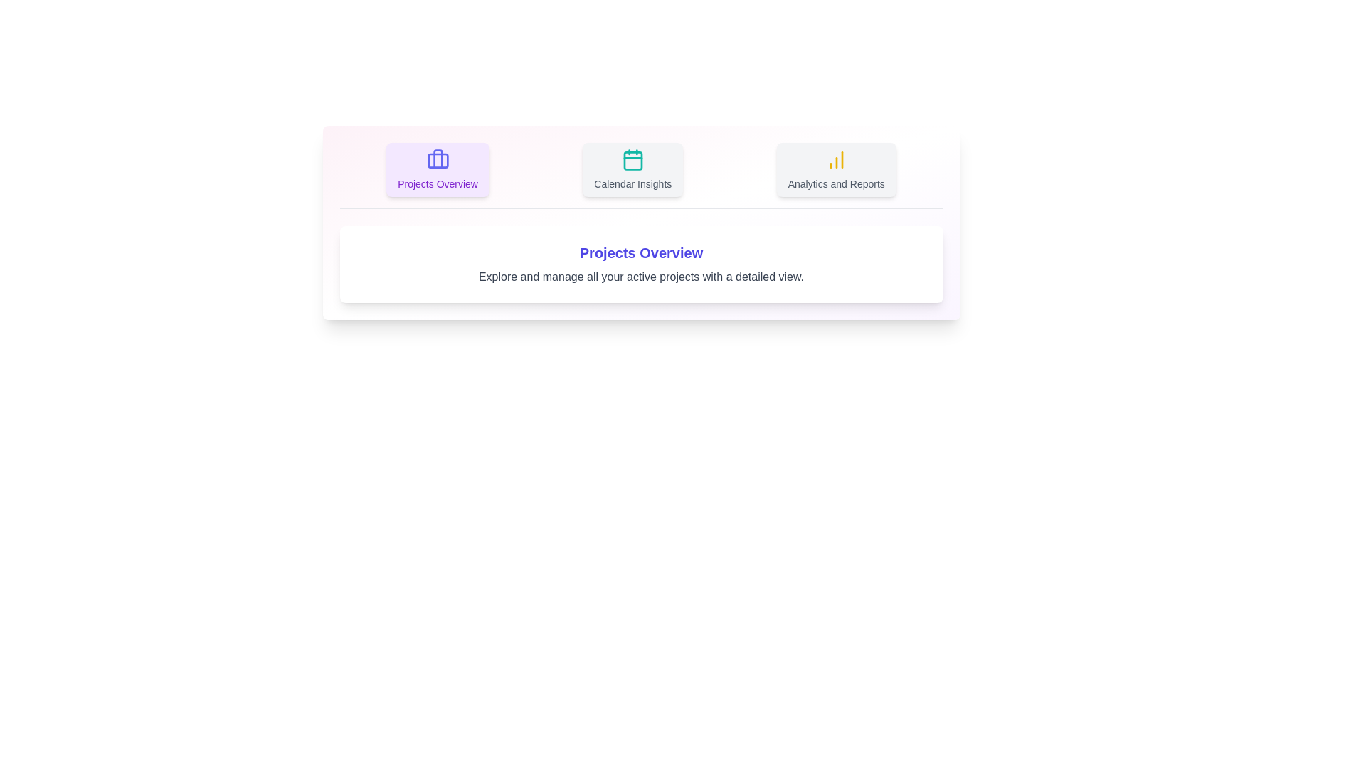 The width and height of the screenshot is (1366, 768). I want to click on the tab labeled 'Calendar Insights' to observe the visual feedback, so click(631, 169).